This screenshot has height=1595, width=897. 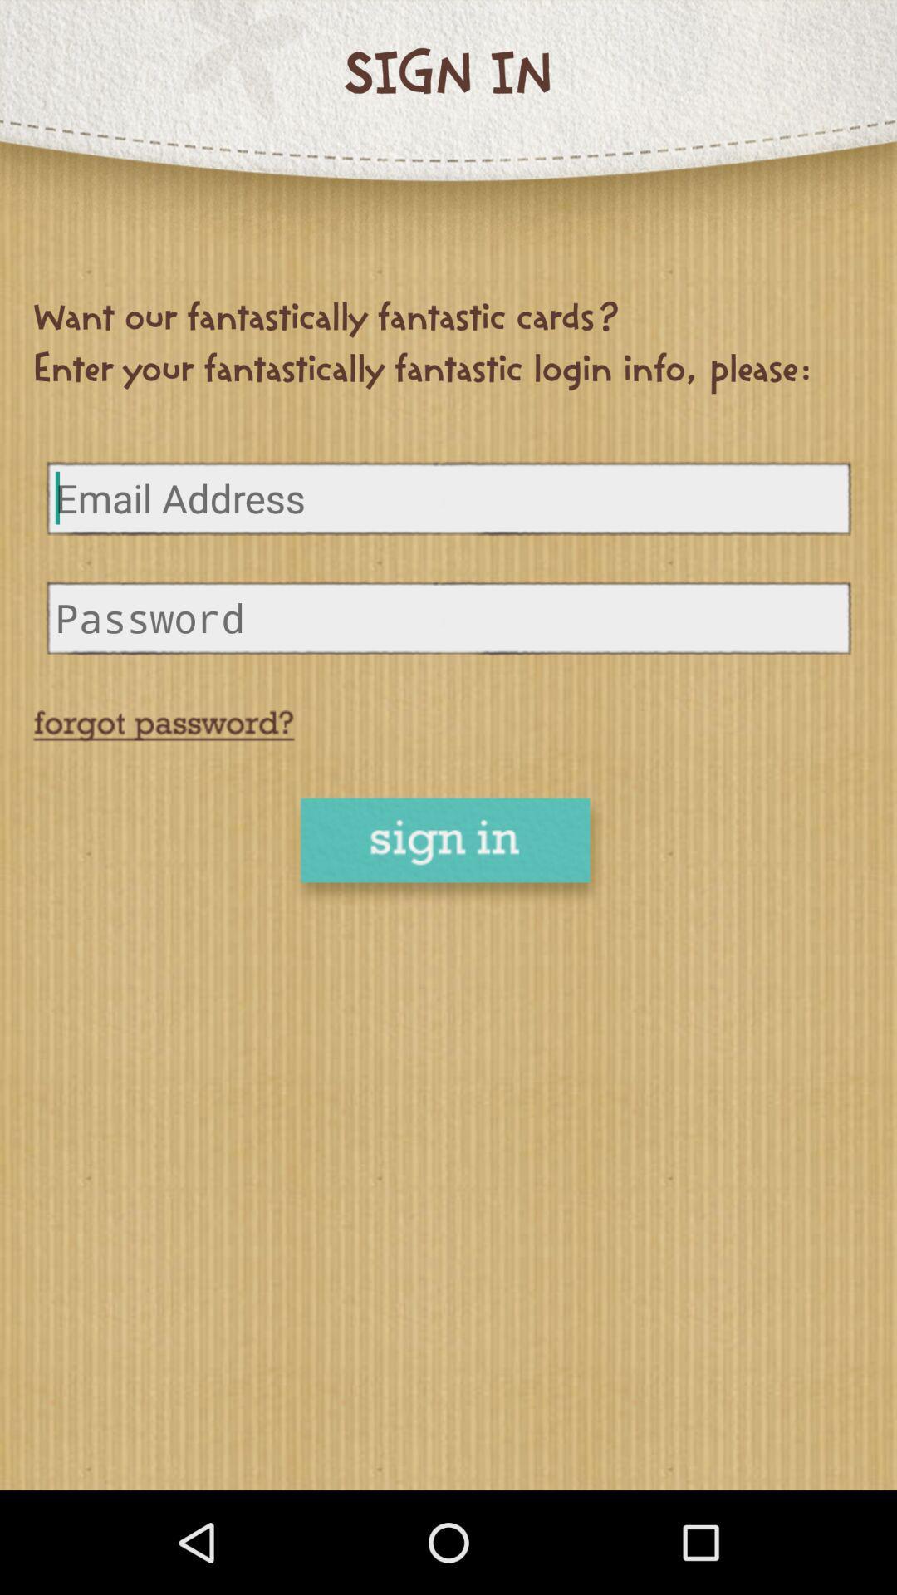 I want to click on email, so click(x=448, y=497).